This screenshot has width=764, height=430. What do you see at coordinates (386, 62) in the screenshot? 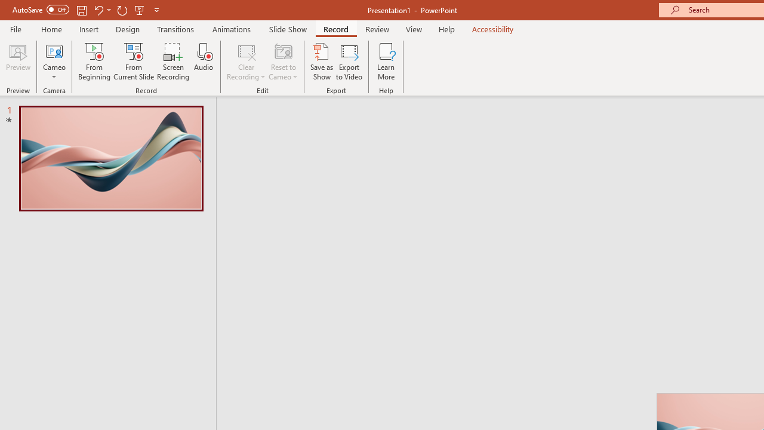
I see `'Learn More'` at bounding box center [386, 62].